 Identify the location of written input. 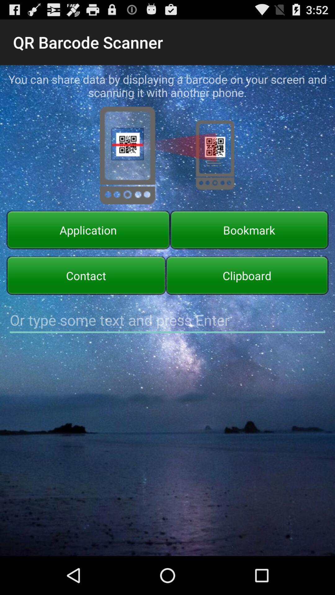
(167, 320).